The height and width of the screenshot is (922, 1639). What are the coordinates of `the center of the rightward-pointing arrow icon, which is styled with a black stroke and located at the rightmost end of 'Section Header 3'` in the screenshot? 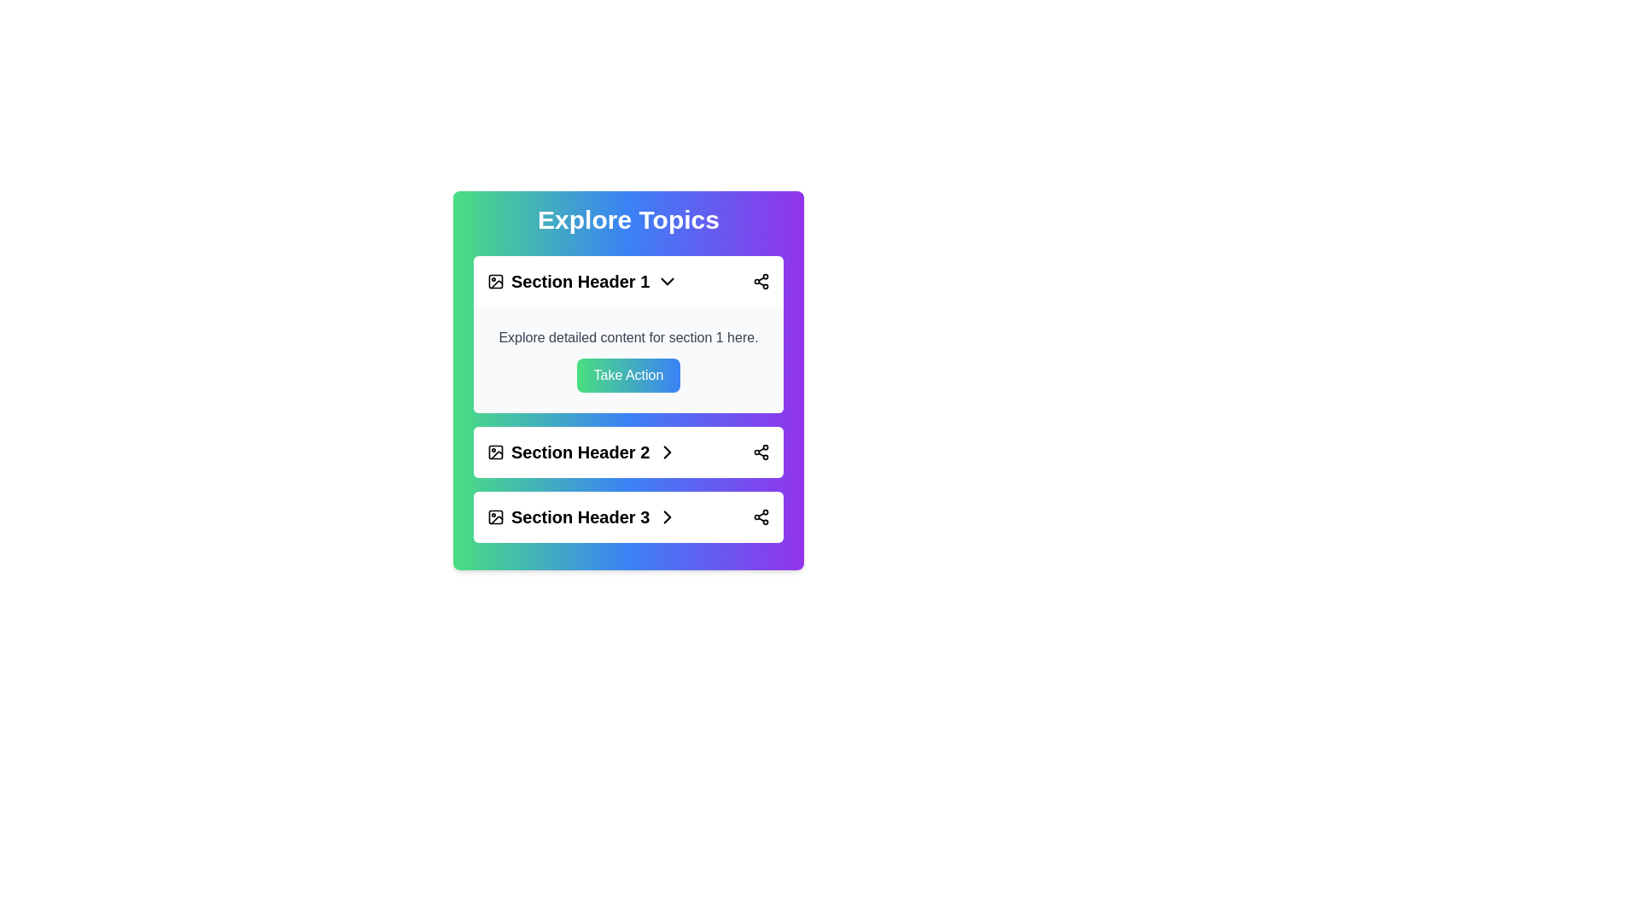 It's located at (667, 516).